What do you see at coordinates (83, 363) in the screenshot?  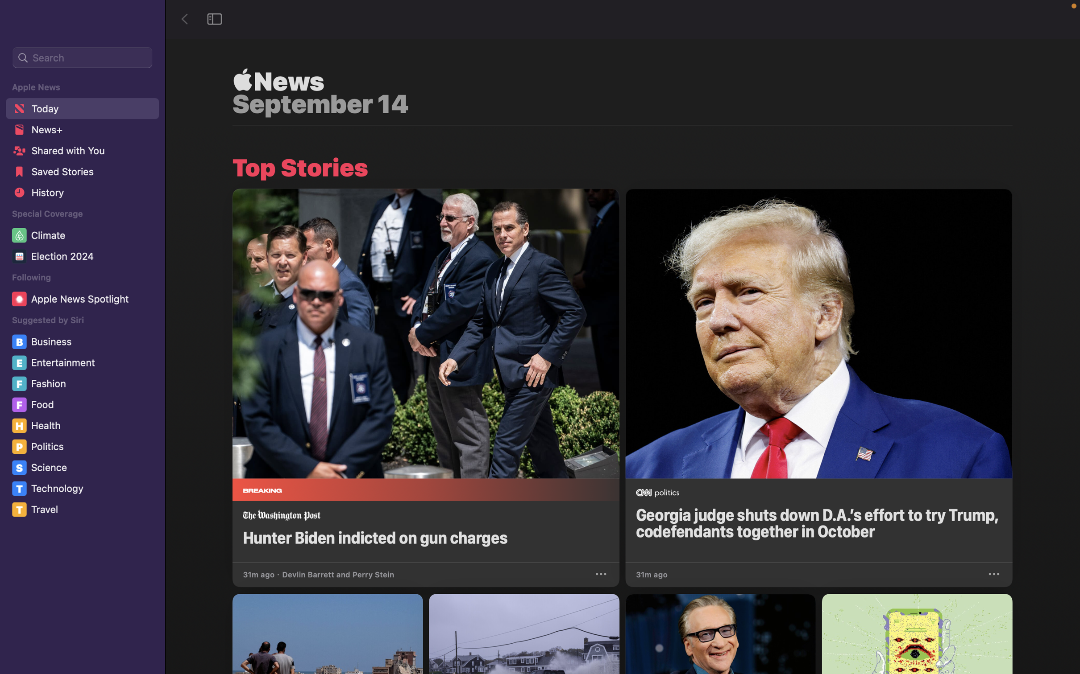 I see `Go to the "Entertainment" tab and click on it` at bounding box center [83, 363].